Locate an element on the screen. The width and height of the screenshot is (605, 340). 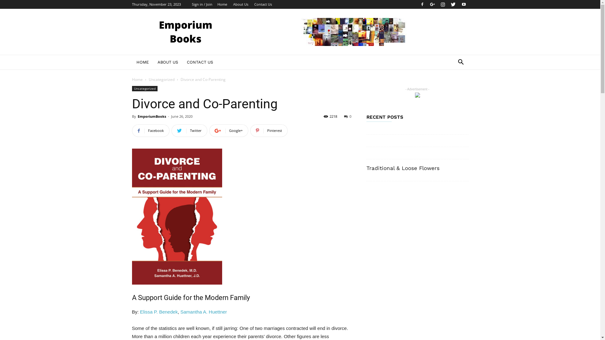
'Instagram' is located at coordinates (442, 4).